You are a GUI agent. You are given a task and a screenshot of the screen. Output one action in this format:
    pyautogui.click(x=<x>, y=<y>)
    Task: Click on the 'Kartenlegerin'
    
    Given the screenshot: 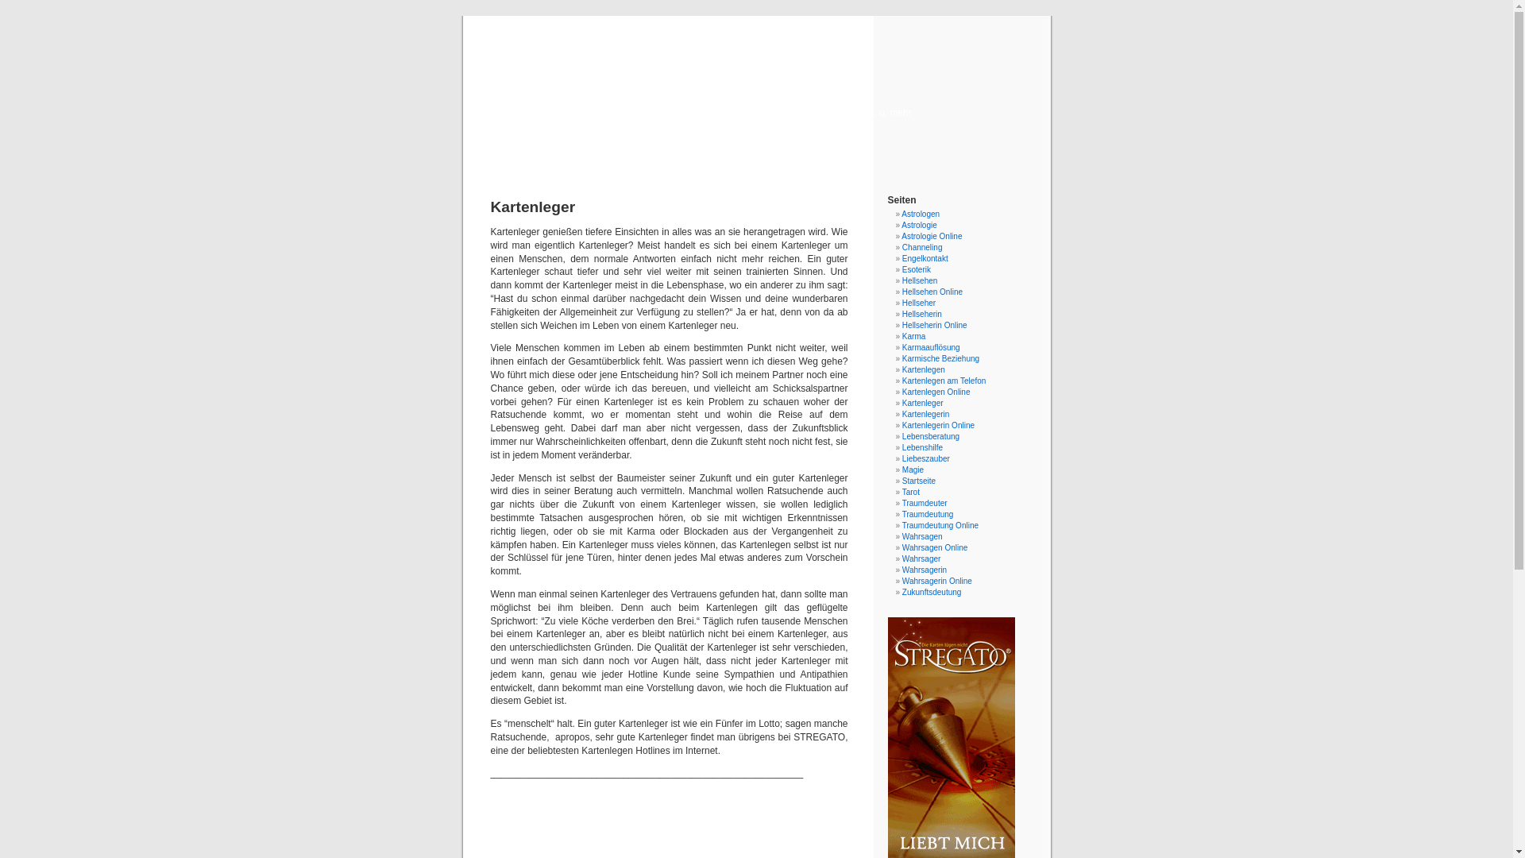 What is the action you would take?
    pyautogui.click(x=925, y=413)
    